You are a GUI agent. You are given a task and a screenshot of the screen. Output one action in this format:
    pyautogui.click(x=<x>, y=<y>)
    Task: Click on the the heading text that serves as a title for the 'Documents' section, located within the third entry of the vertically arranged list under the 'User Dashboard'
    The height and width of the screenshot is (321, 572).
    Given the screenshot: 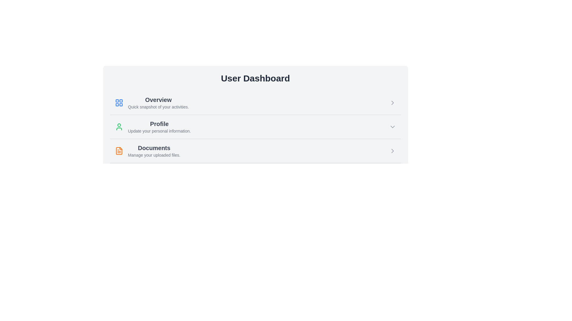 What is the action you would take?
    pyautogui.click(x=154, y=147)
    